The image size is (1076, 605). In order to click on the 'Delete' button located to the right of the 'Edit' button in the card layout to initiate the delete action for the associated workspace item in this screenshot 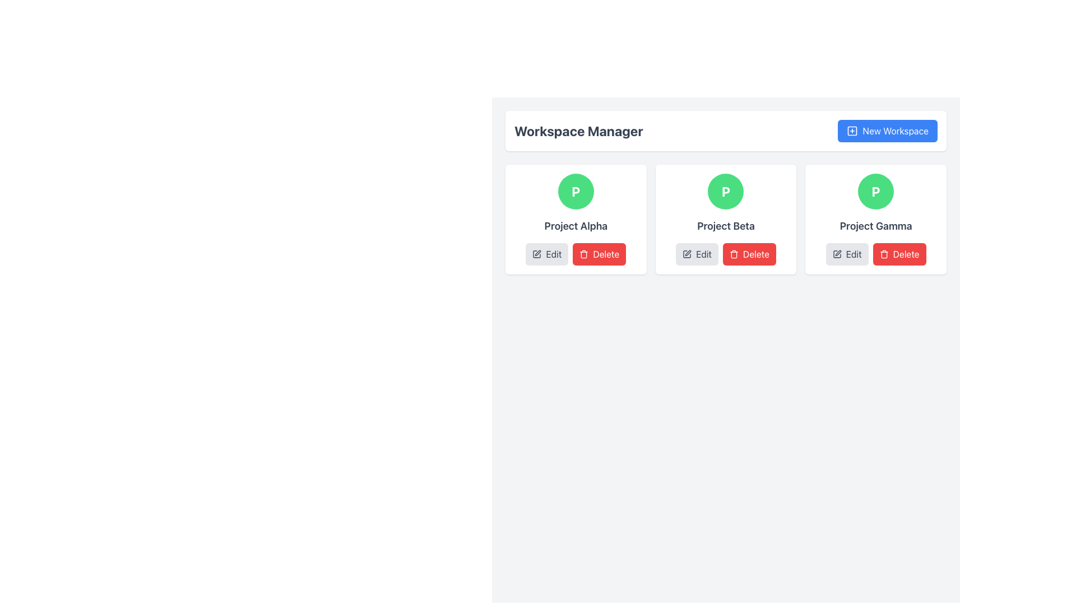, I will do `click(599, 254)`.